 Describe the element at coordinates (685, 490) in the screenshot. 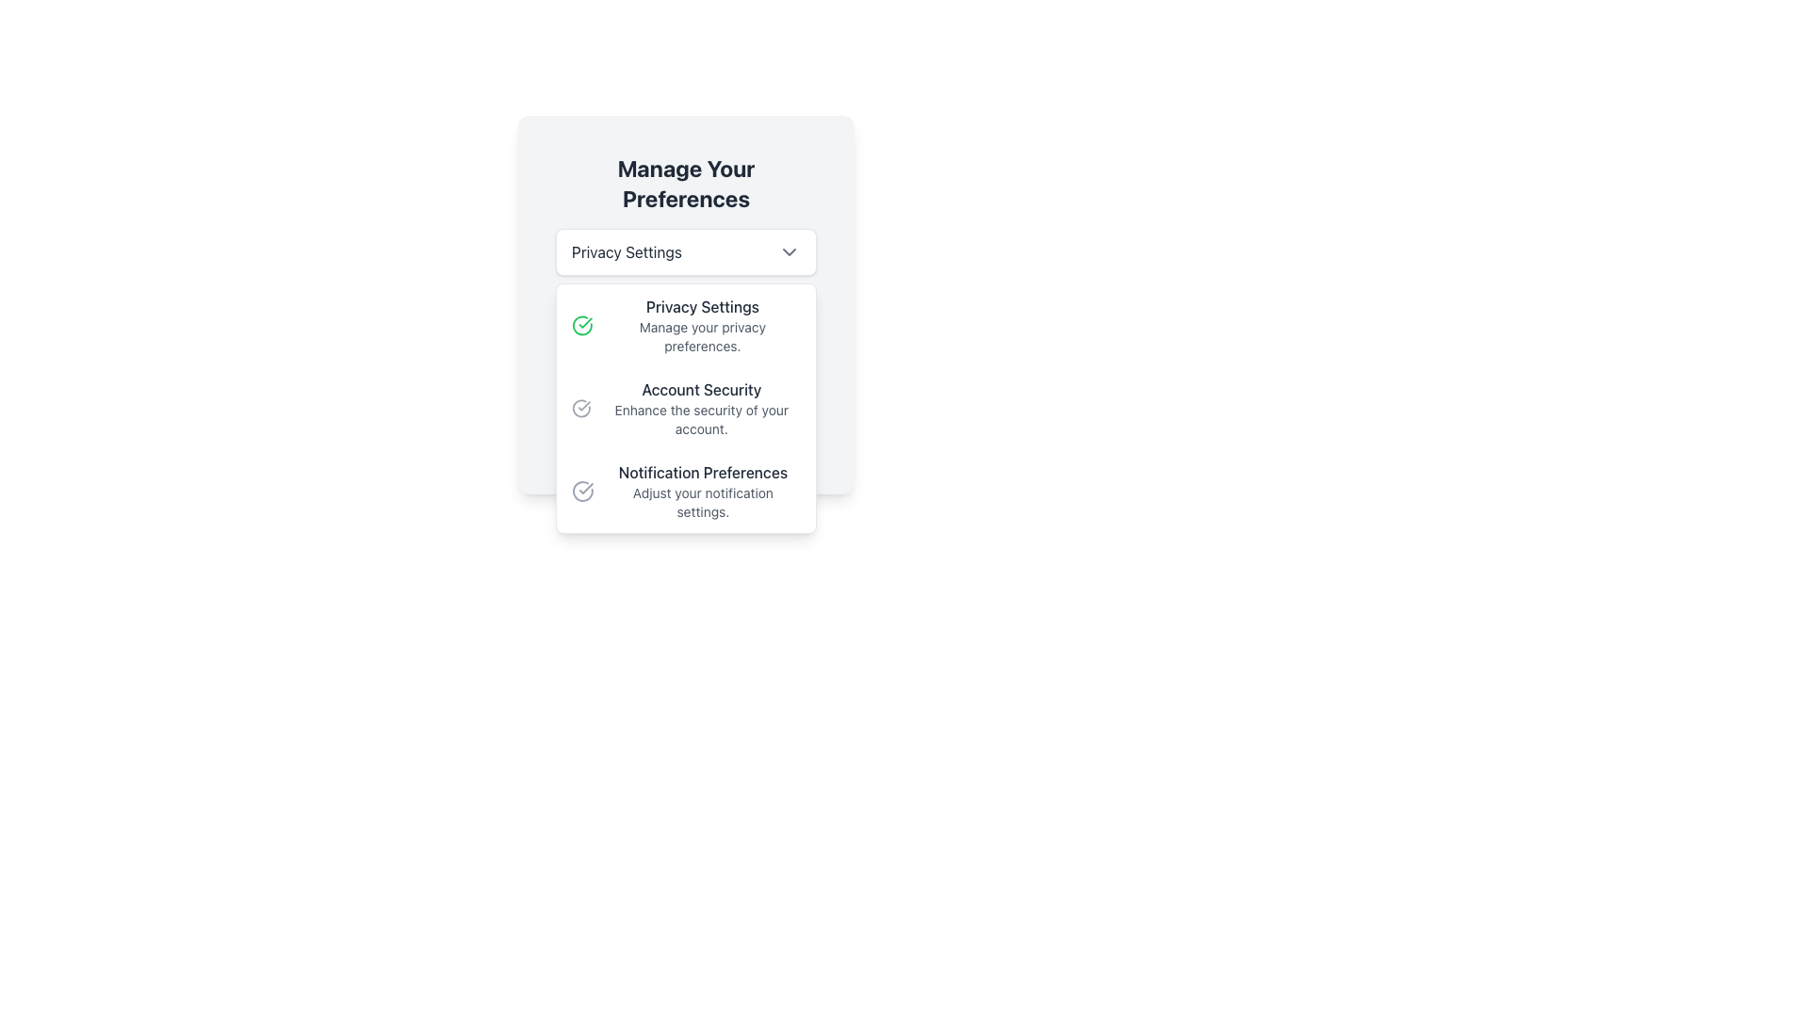

I see `the third item in the preferences menu dropdown, which is associated with managing notification settings` at that location.